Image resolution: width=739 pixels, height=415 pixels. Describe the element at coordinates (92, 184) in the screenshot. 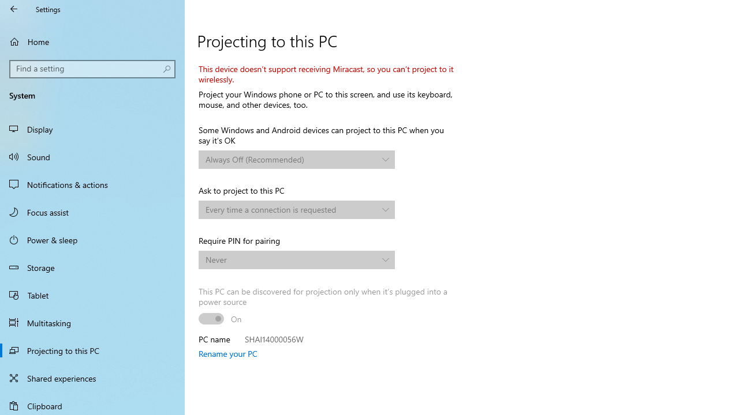

I see `'Notifications & actions'` at that location.